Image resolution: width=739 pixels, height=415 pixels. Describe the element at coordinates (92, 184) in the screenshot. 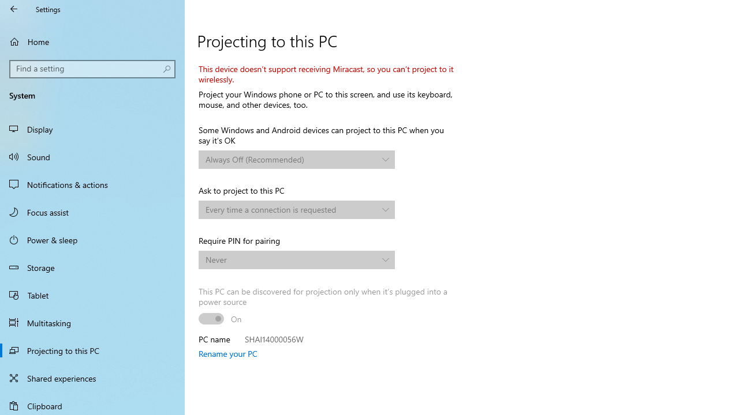

I see `'Notifications & actions'` at that location.